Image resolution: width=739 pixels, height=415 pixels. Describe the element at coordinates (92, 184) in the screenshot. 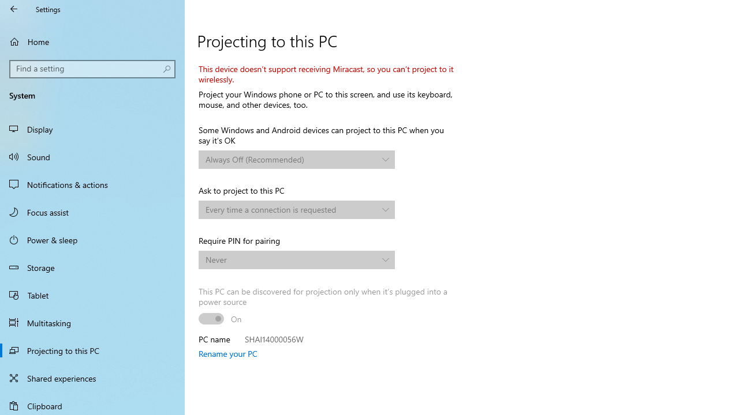

I see `'Notifications & actions'` at that location.